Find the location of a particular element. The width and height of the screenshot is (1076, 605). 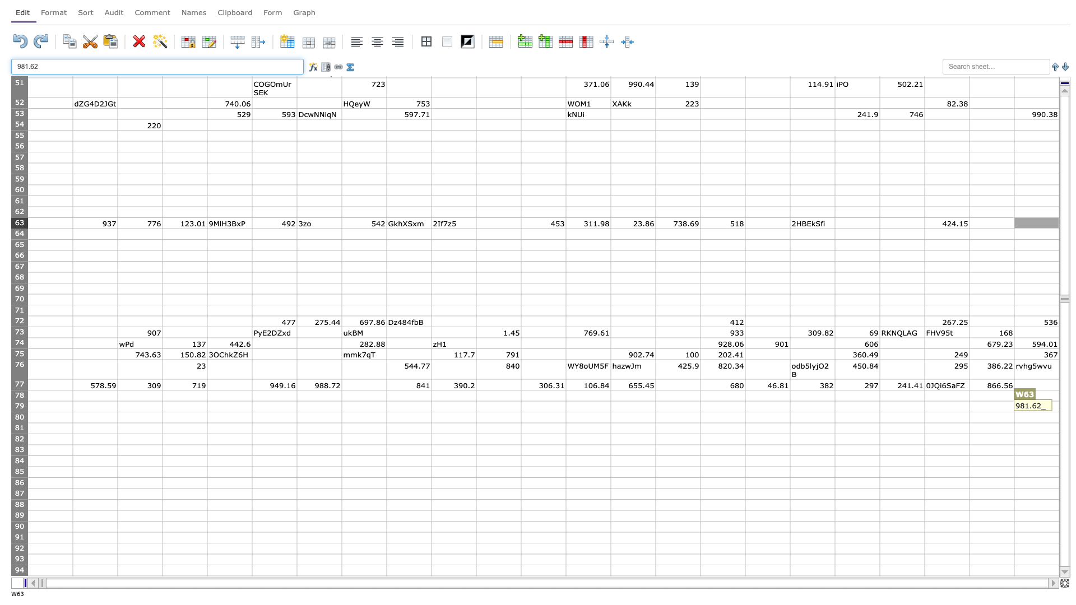

Upper left corner of cell B80 is located at coordinates (72, 412).